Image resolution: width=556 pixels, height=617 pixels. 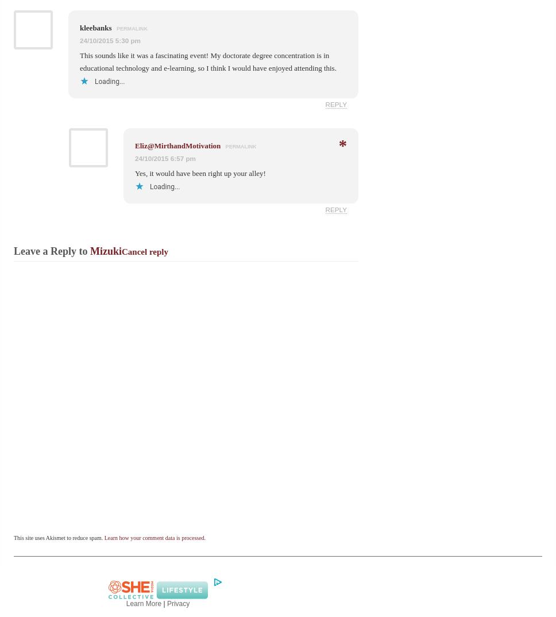 What do you see at coordinates (342, 144) in the screenshot?
I see `'*'` at bounding box center [342, 144].